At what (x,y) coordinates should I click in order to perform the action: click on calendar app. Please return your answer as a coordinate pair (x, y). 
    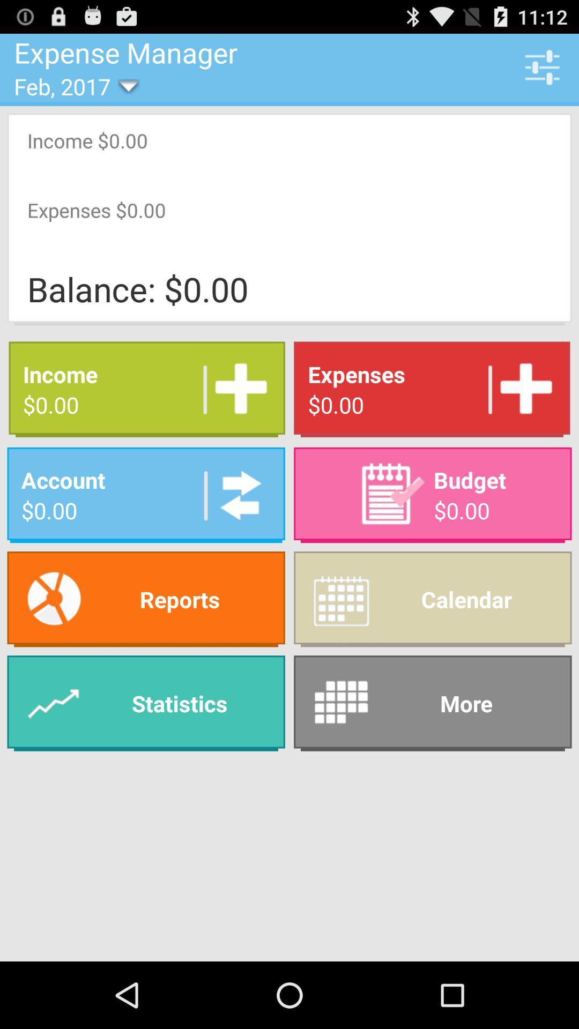
    Looking at the image, I should click on (432, 599).